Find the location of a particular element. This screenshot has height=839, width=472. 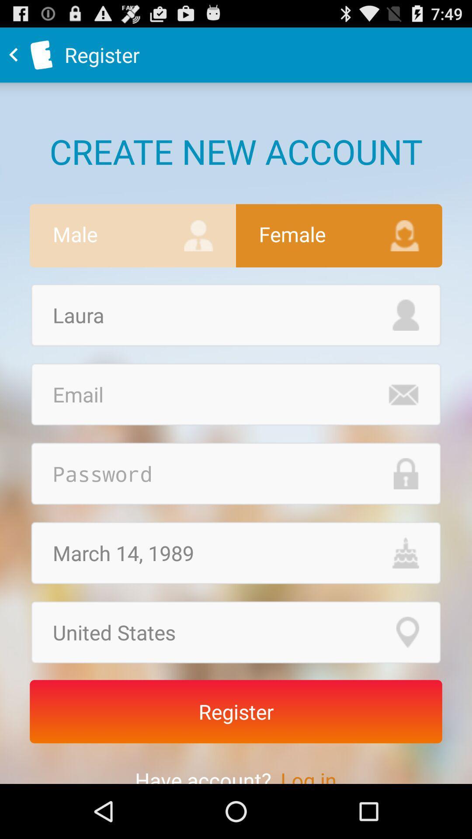

password is located at coordinates (236, 473).